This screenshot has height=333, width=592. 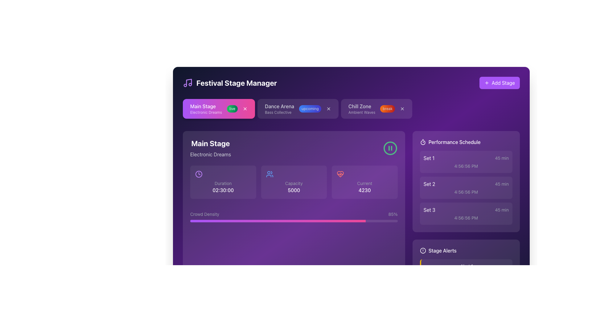 I want to click on the title 'Chill Zone' or the badge labeled 'break' on the interactive card located in the top row, third card from the left, so click(x=376, y=109).